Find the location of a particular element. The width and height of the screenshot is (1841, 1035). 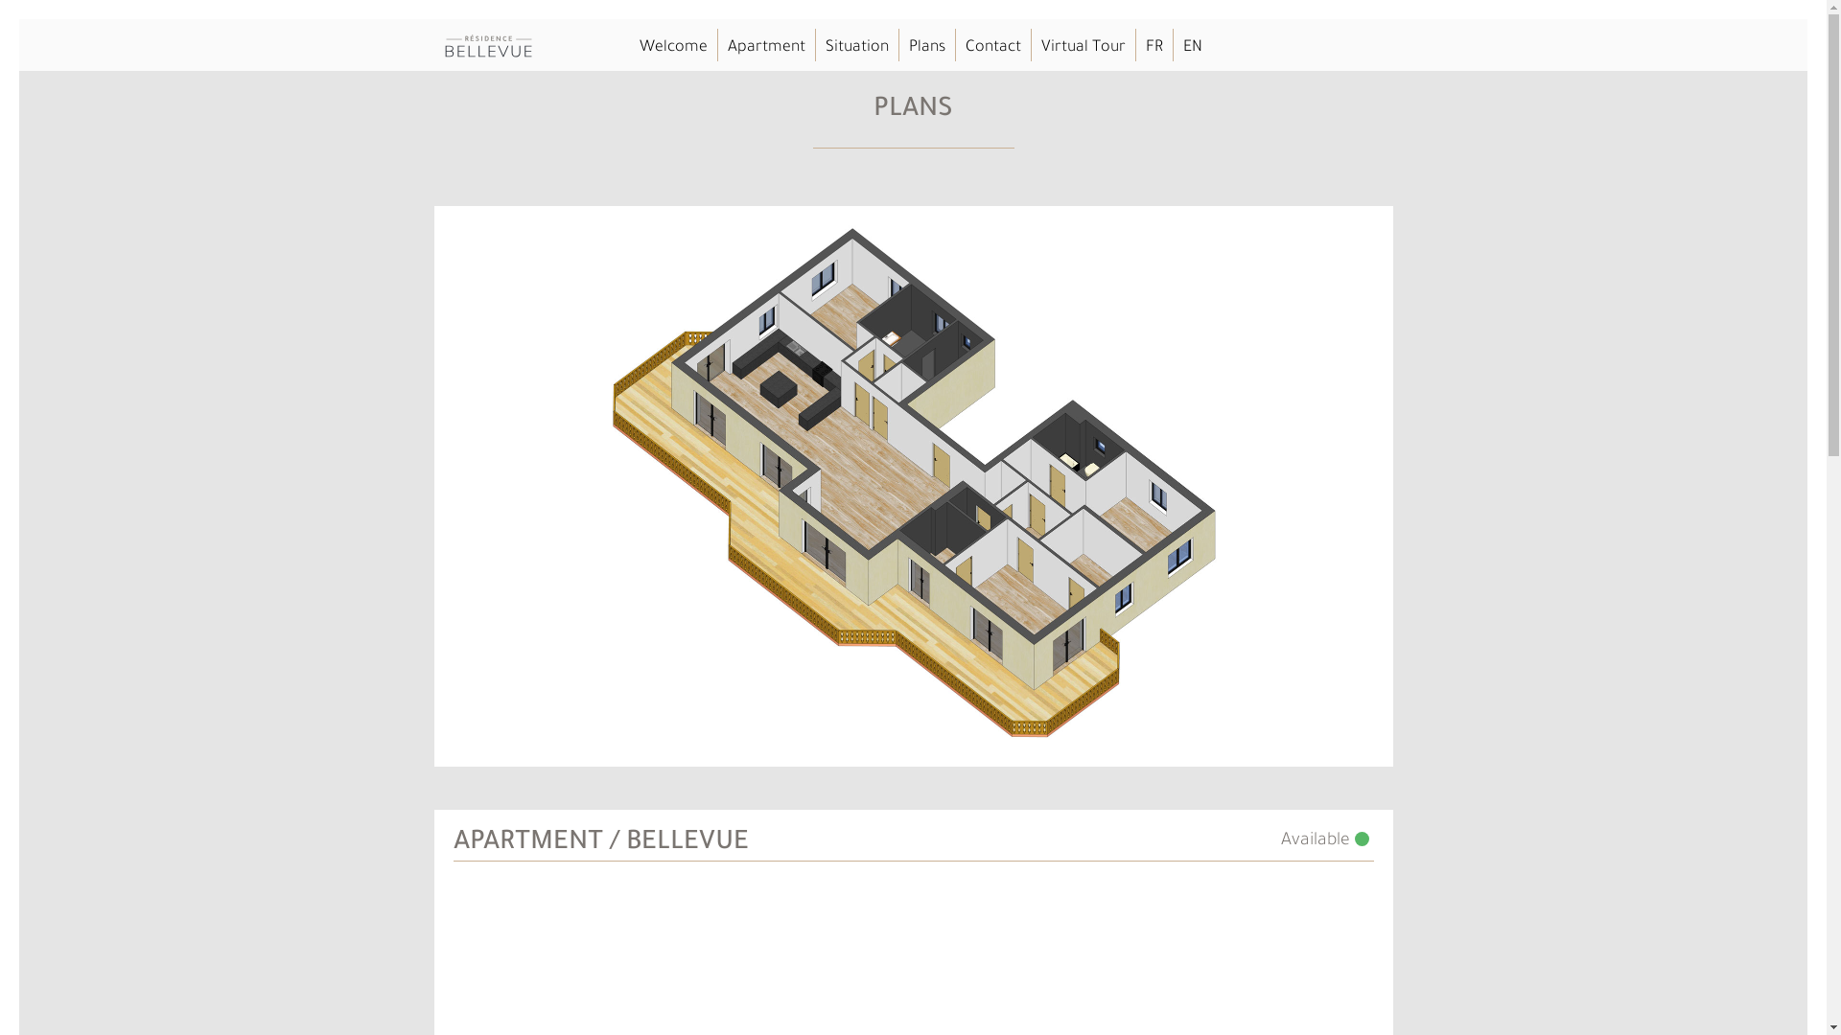

'FR' is located at coordinates (1153, 47).